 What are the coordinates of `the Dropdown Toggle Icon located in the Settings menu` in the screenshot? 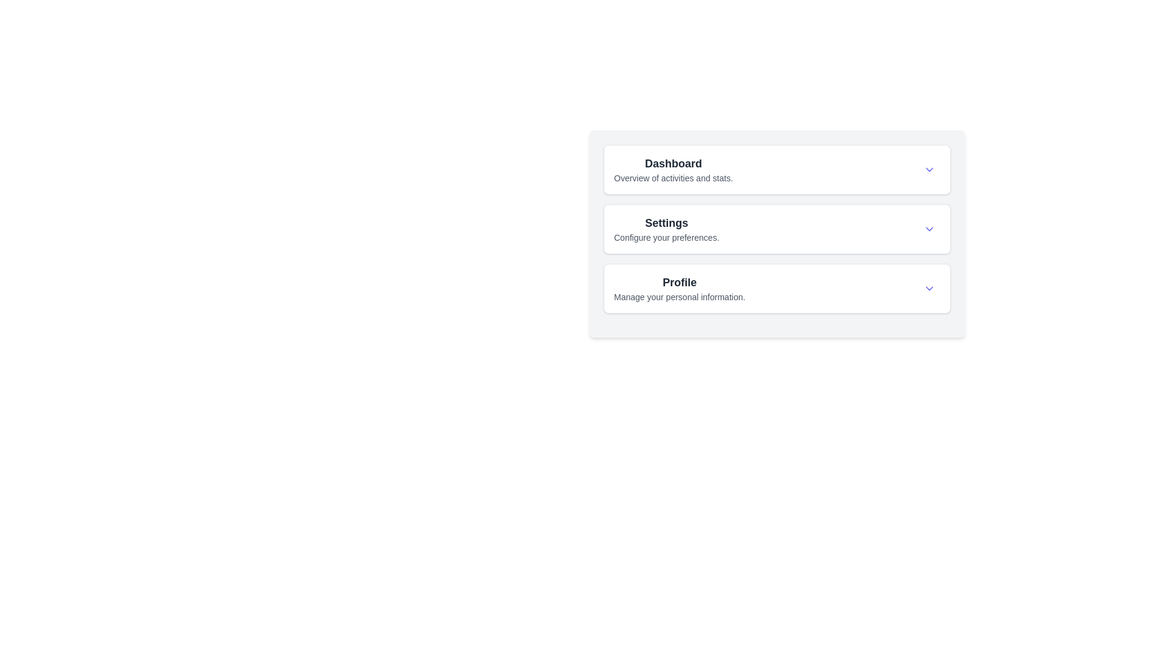 It's located at (928, 229).